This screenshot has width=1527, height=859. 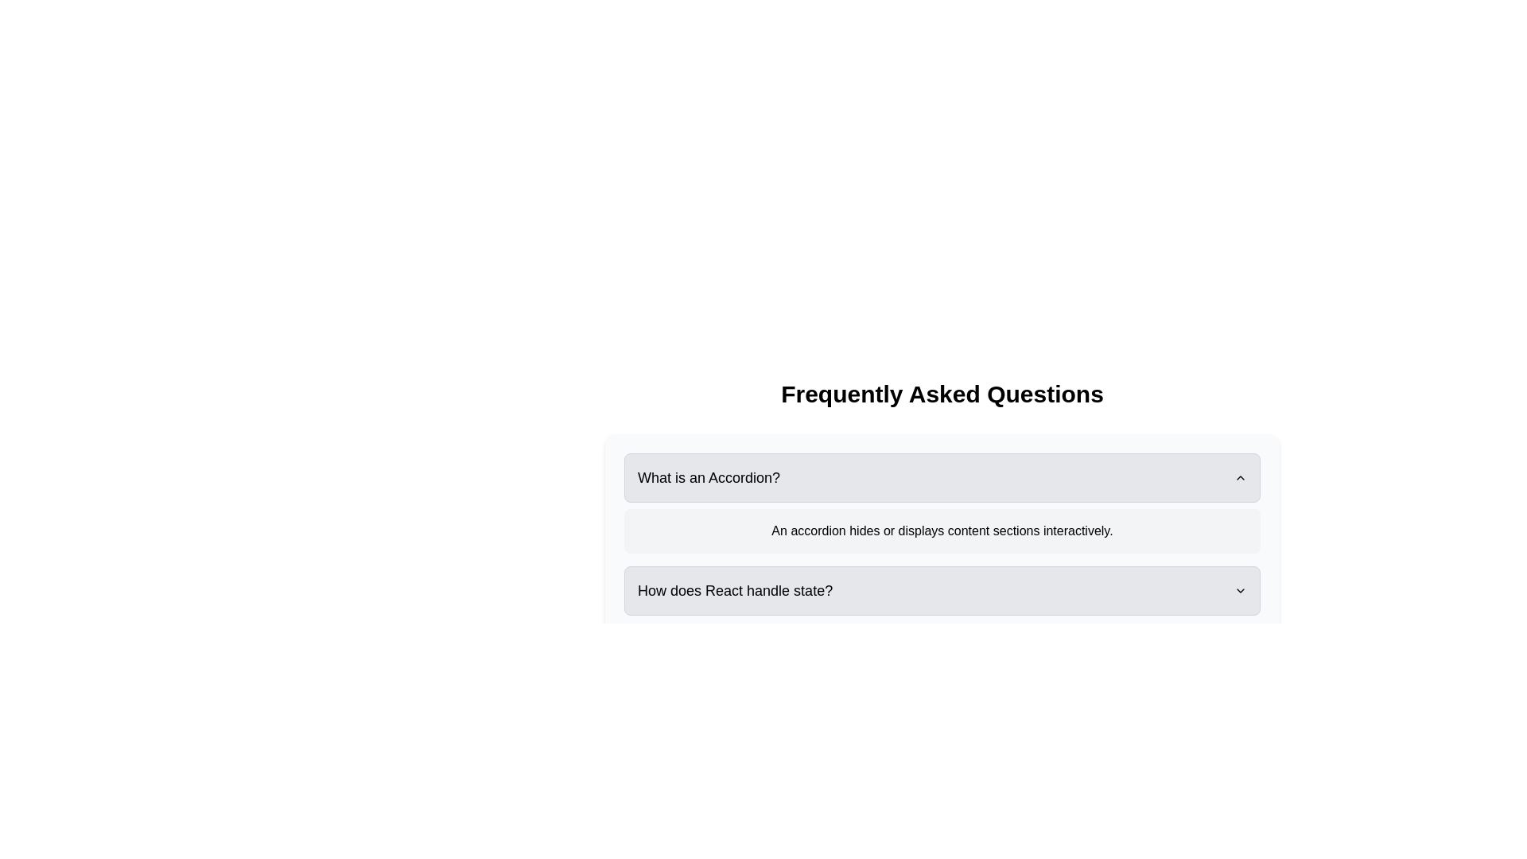 I want to click on the second interactive accordion section titled 'How does React handle state?', so click(x=942, y=570).